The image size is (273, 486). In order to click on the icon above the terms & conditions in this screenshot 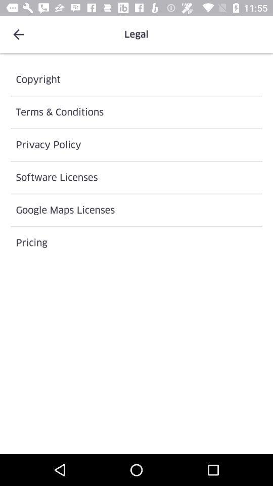, I will do `click(136, 79)`.